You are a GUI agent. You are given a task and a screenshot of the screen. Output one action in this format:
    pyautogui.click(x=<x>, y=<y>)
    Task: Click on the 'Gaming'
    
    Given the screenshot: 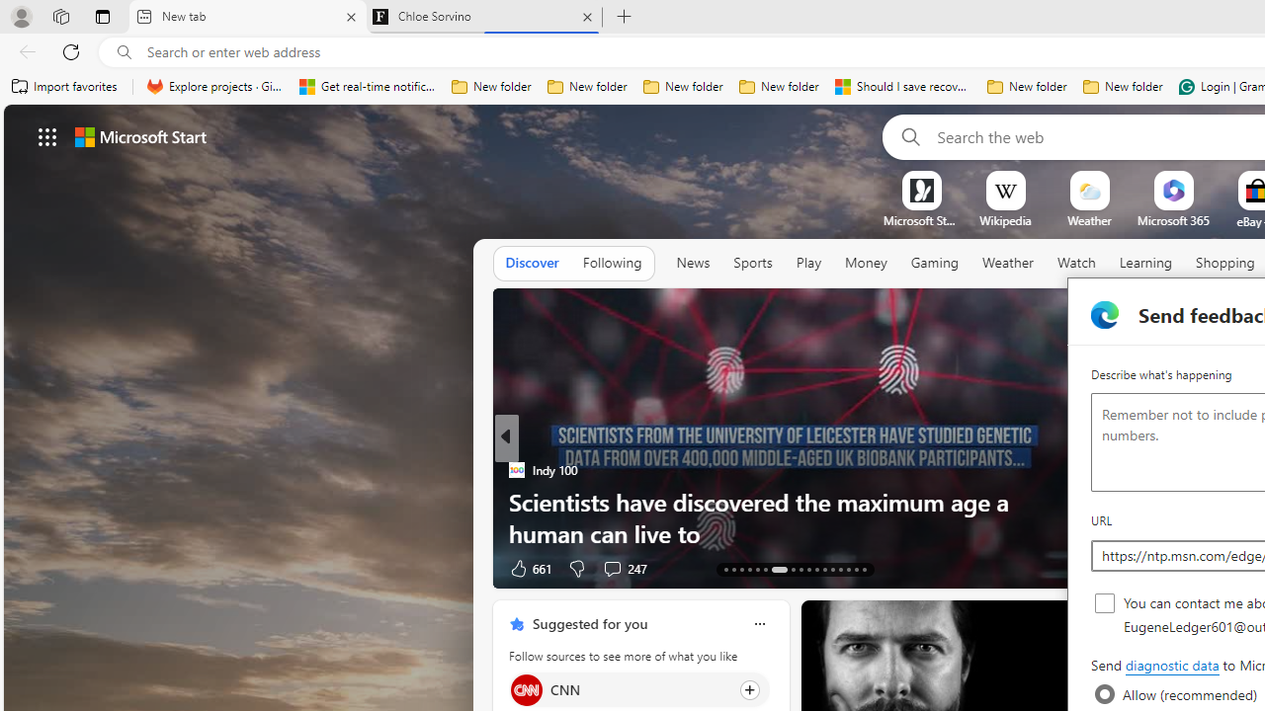 What is the action you would take?
    pyautogui.click(x=933, y=262)
    